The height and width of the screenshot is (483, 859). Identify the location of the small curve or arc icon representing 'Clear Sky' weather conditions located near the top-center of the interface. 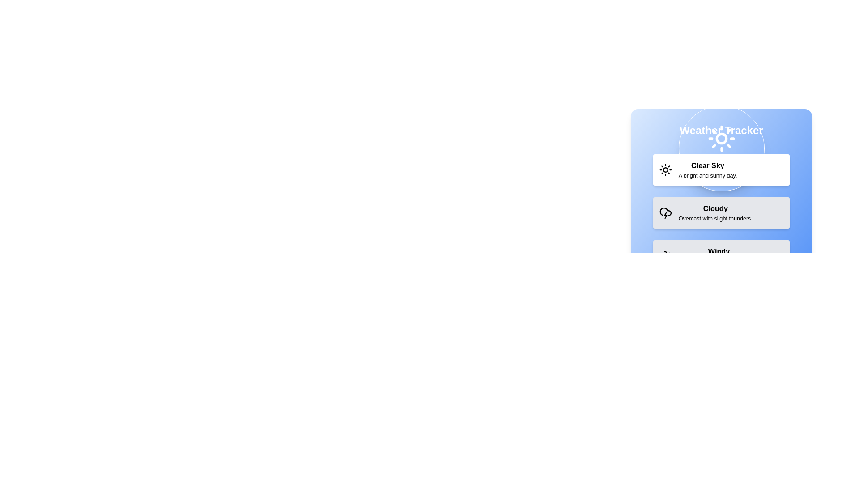
(716, 131).